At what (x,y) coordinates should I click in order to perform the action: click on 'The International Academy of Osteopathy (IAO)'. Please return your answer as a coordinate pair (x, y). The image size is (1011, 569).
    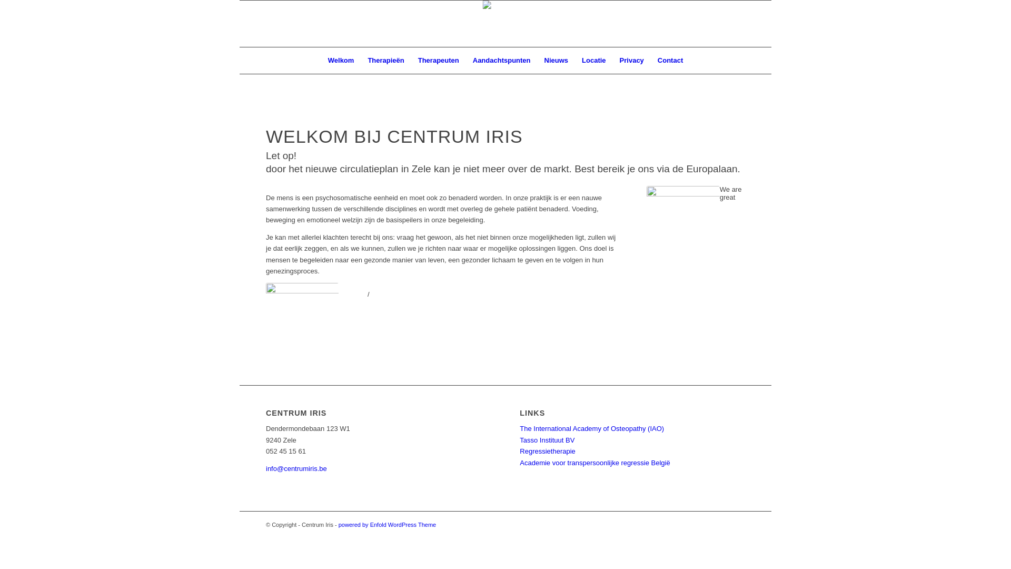
    Looking at the image, I should click on (591, 428).